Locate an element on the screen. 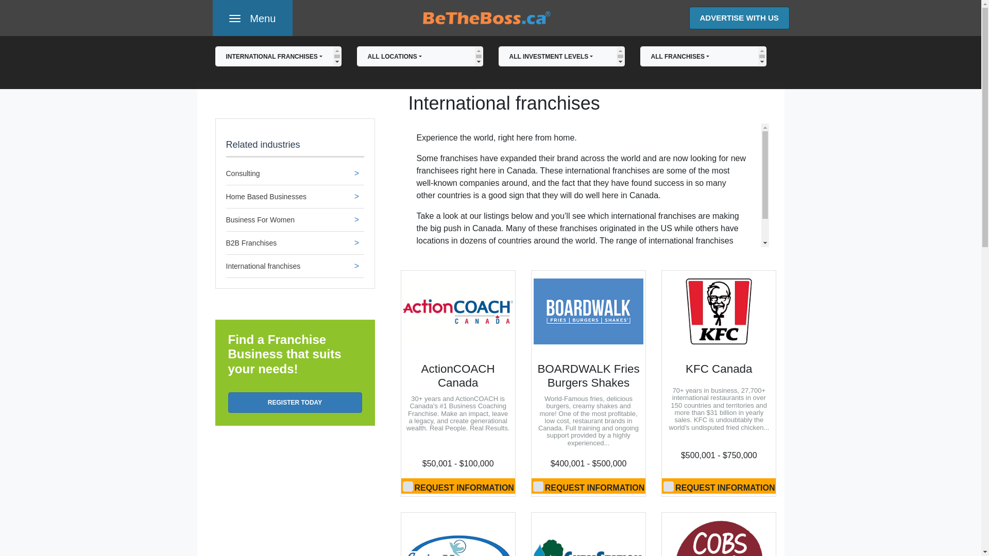  'ADVERTISE WITH US' is located at coordinates (689, 18).